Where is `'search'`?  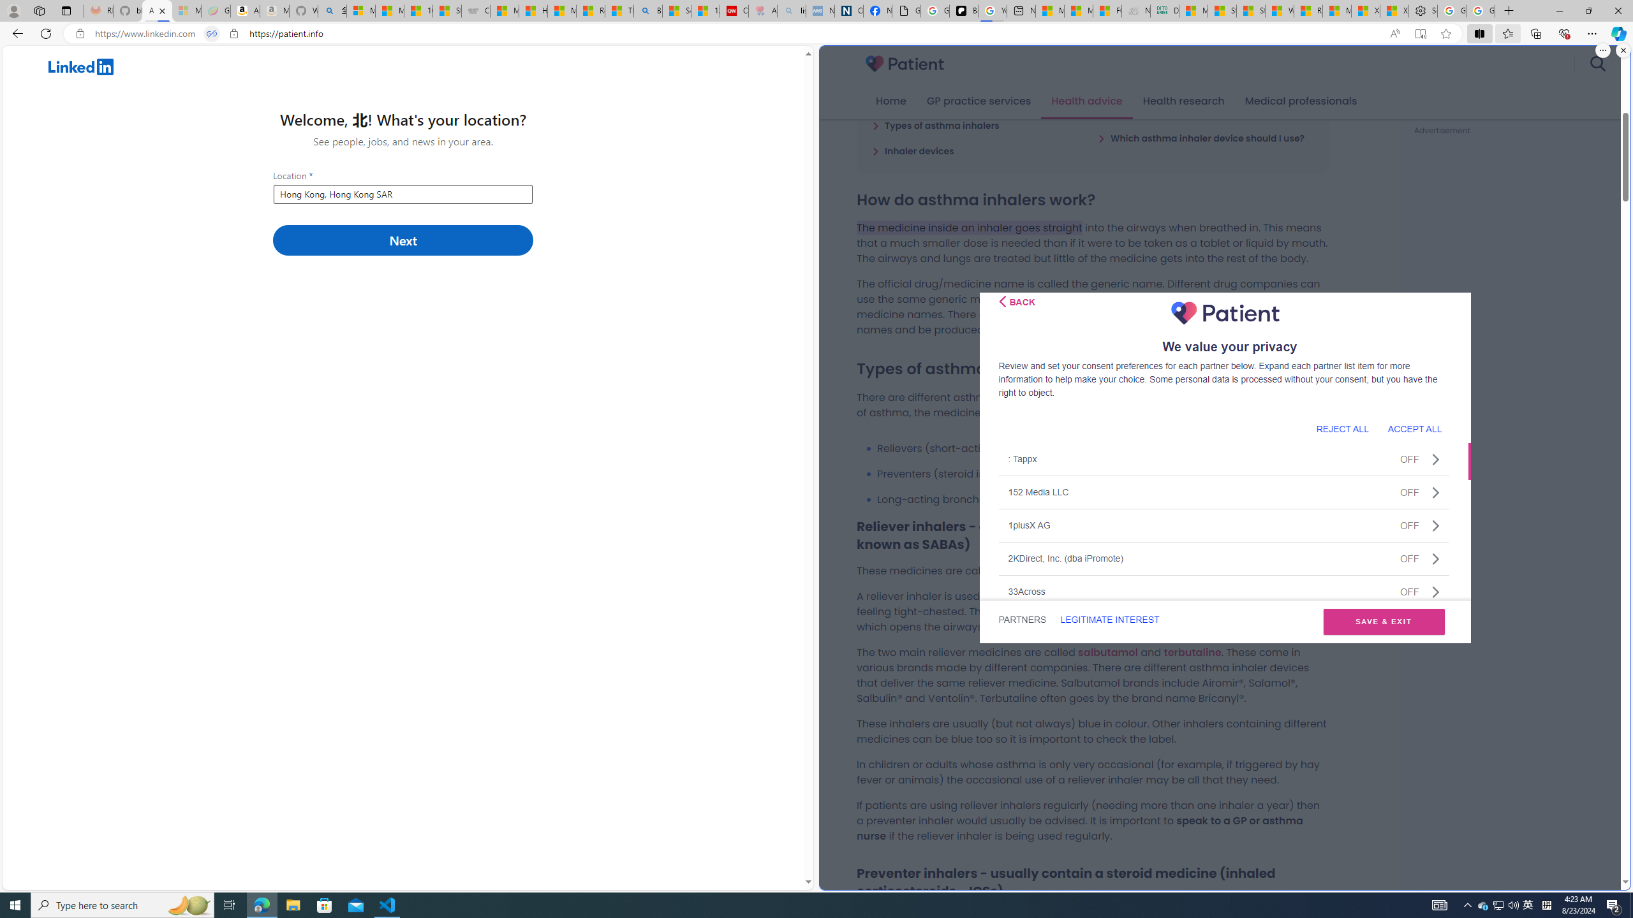 'search' is located at coordinates (1597, 63).